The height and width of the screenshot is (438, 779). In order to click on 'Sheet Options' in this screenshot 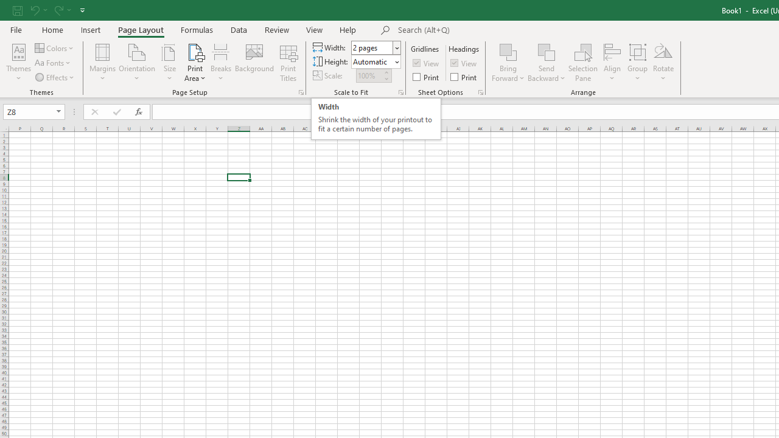, I will do `click(480, 91)`.